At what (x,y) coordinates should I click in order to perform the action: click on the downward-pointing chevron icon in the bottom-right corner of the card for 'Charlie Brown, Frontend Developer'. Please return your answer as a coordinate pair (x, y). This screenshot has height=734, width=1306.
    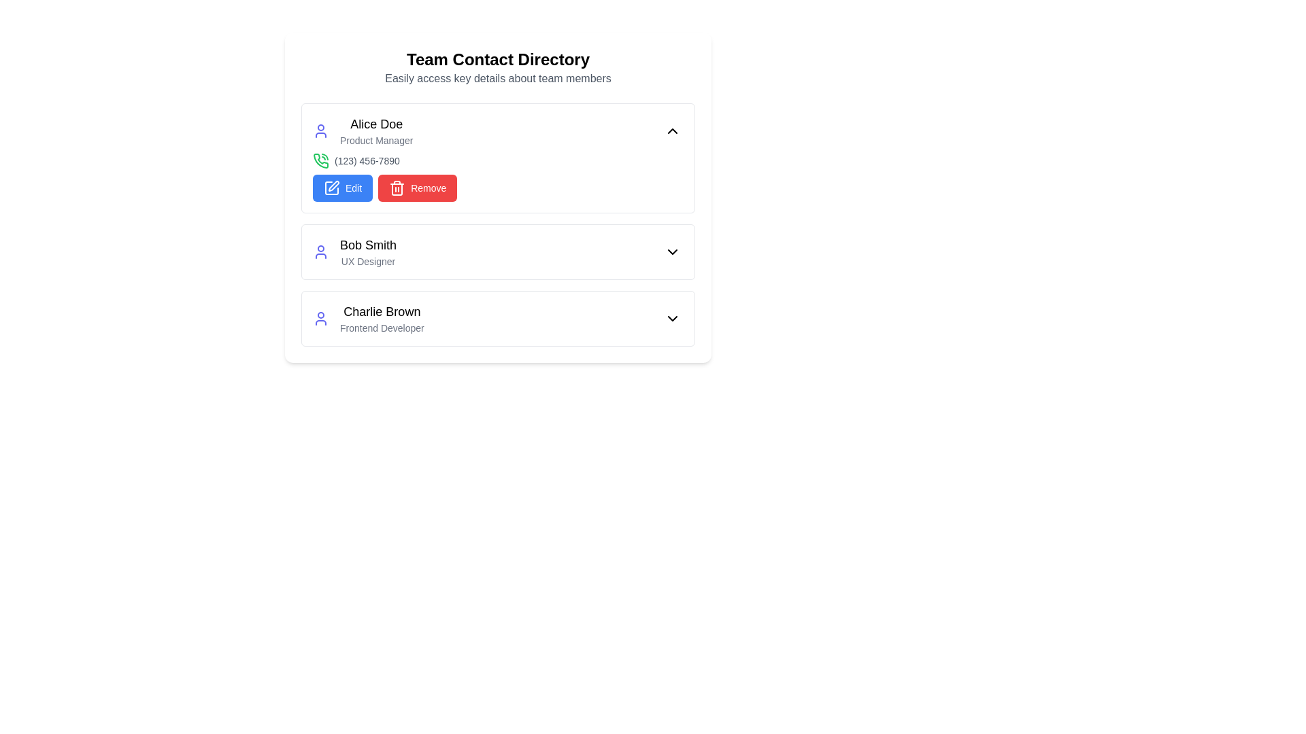
    Looking at the image, I should click on (672, 319).